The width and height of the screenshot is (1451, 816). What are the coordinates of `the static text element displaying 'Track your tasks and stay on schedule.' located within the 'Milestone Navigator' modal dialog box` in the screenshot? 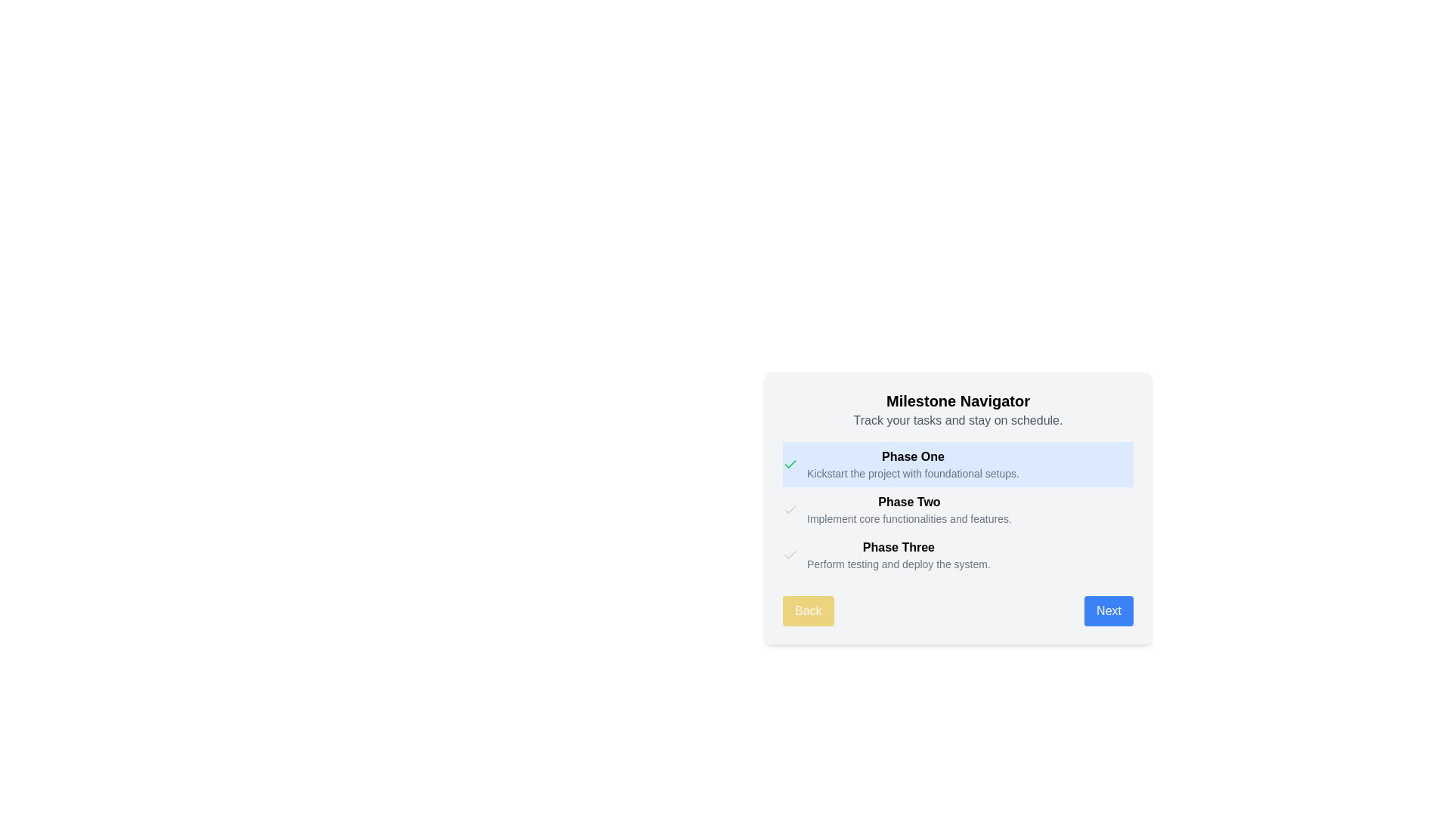 It's located at (957, 420).